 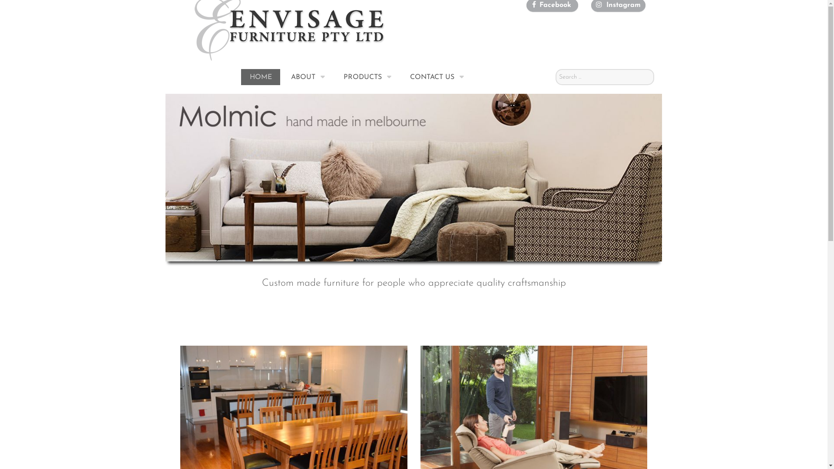 I want to click on 'HOME', so click(x=260, y=76).